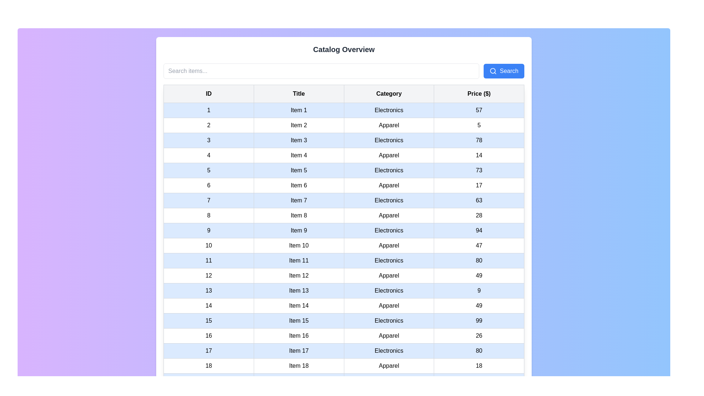 The image size is (704, 396). What do you see at coordinates (479, 246) in the screenshot?
I see `the table cell displaying the price of 'Item 10' in the 'Apparel' category, located in the last column of the tenth row` at bounding box center [479, 246].